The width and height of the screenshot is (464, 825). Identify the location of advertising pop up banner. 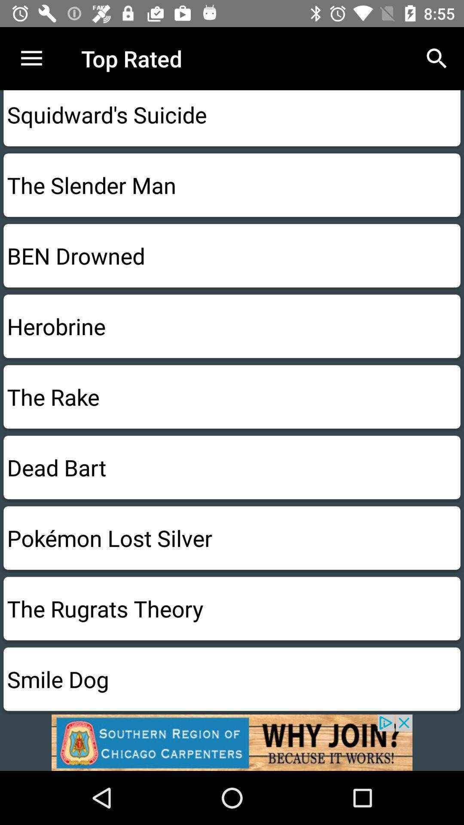
(232, 742).